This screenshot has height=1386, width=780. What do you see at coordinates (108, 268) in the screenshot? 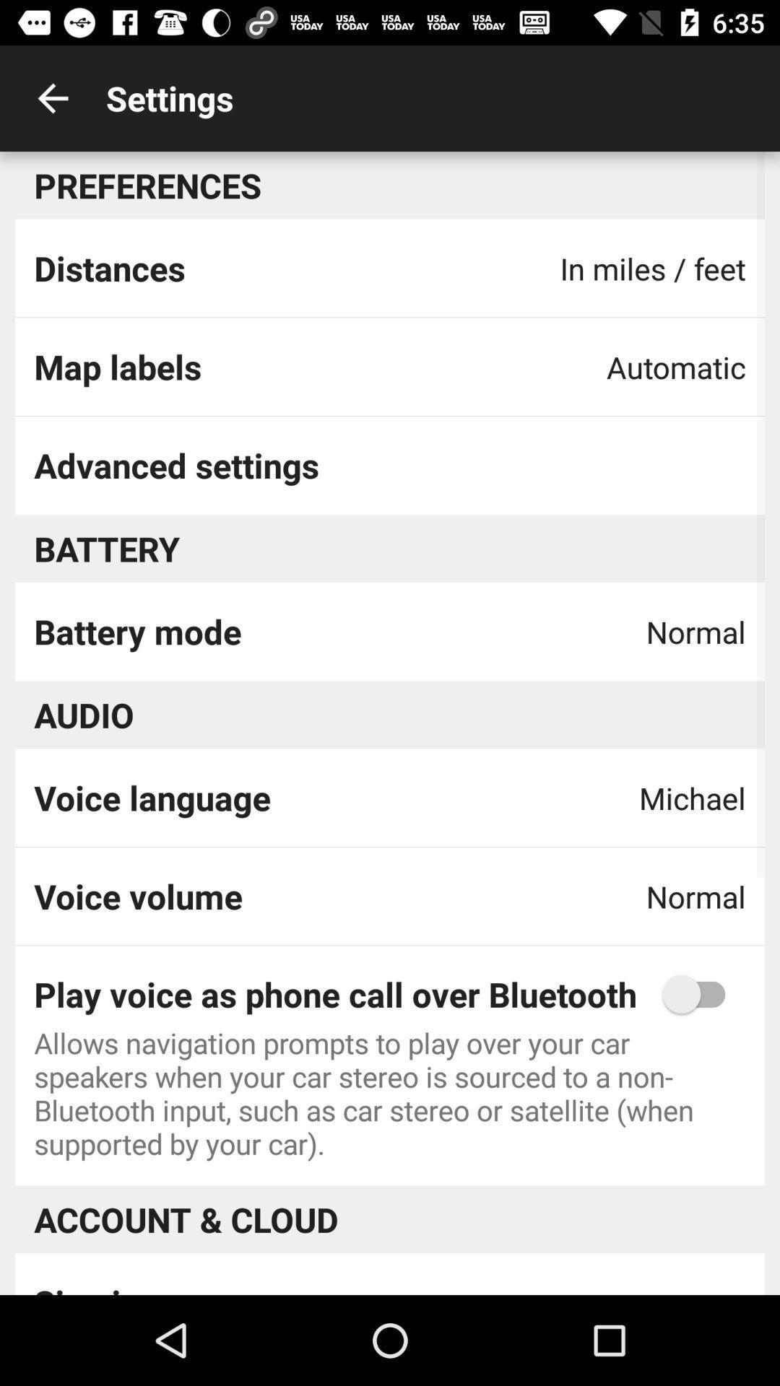
I see `the distances item` at bounding box center [108, 268].